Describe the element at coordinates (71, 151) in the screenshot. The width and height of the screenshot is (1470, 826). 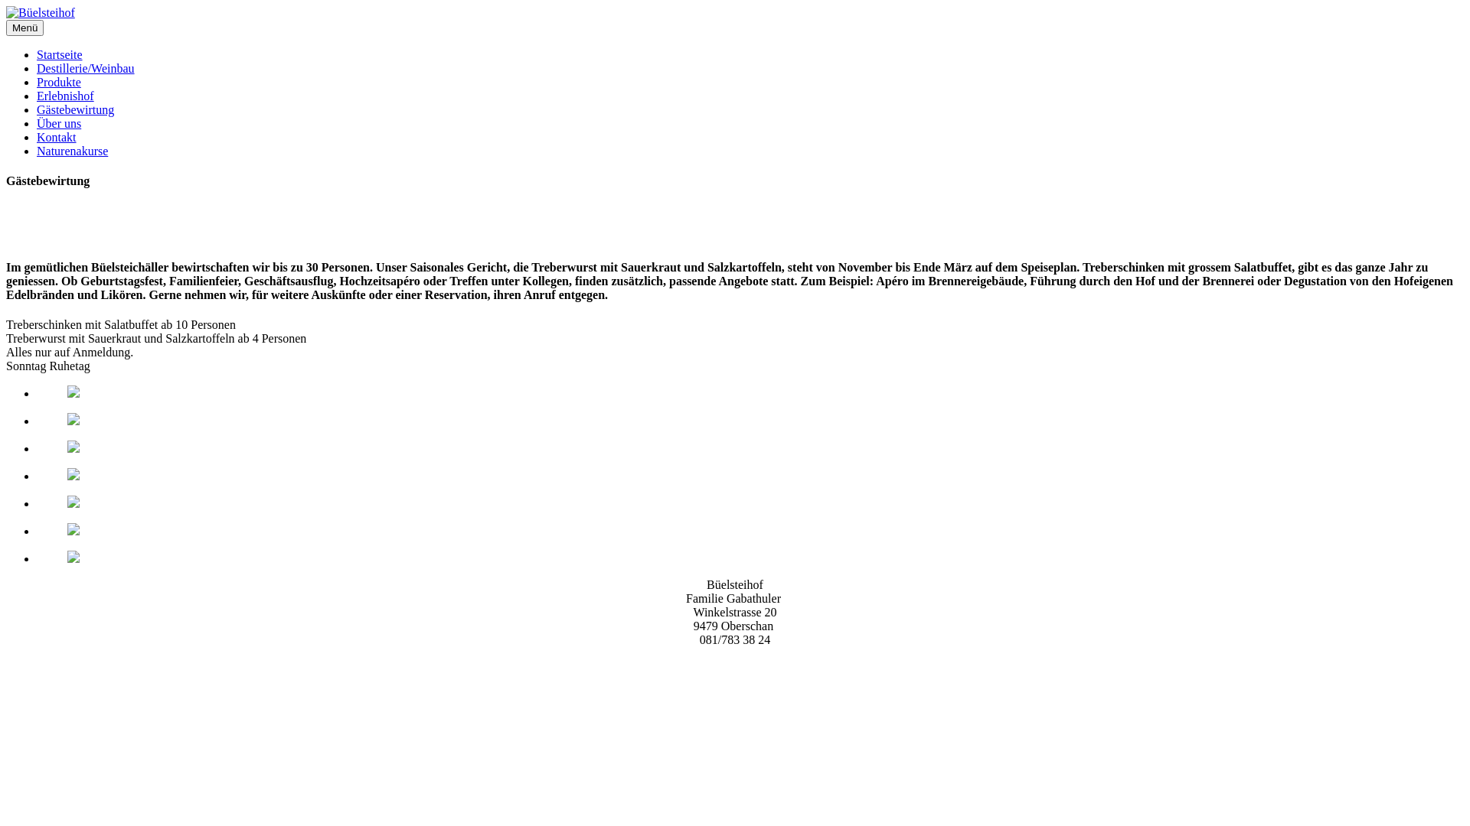
I see `'Naturenakurse'` at that location.